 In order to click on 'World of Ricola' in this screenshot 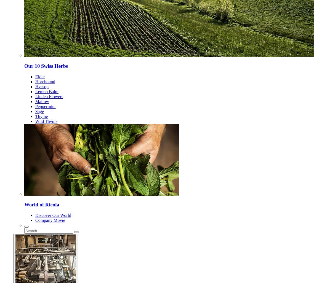, I will do `click(42, 204)`.